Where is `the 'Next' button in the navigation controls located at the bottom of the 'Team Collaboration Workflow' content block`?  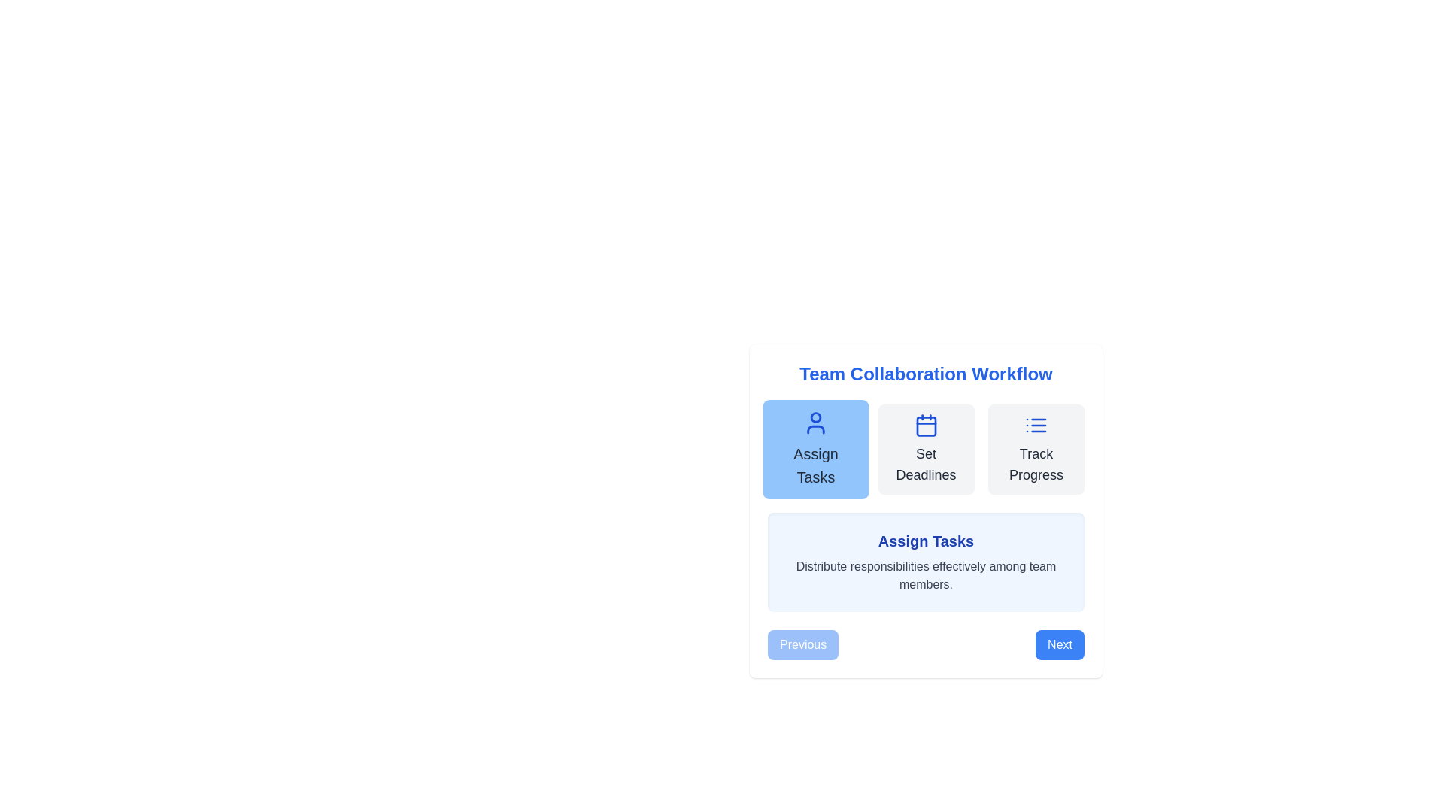 the 'Next' button in the navigation controls located at the bottom of the 'Team Collaboration Workflow' content block is located at coordinates (925, 644).